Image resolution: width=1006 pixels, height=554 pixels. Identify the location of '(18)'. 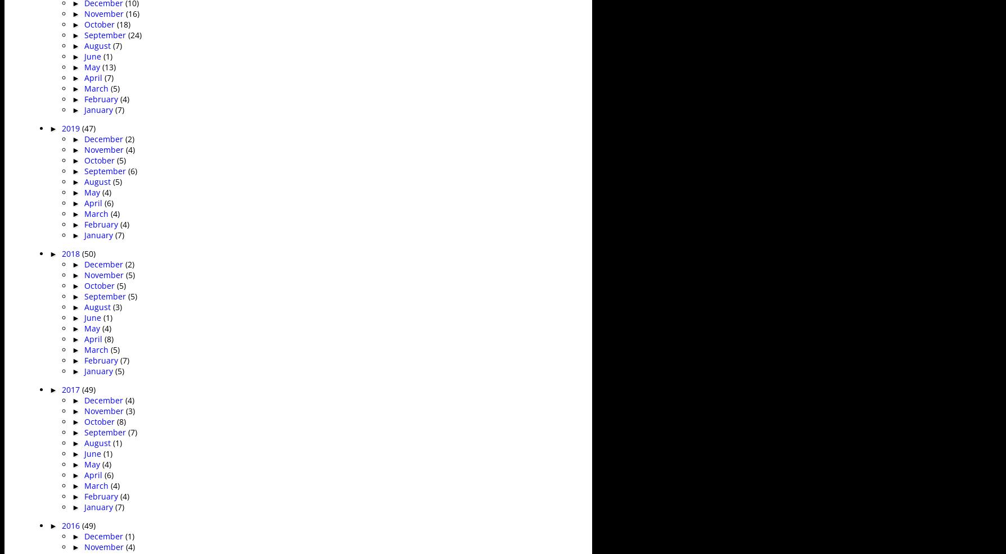
(123, 23).